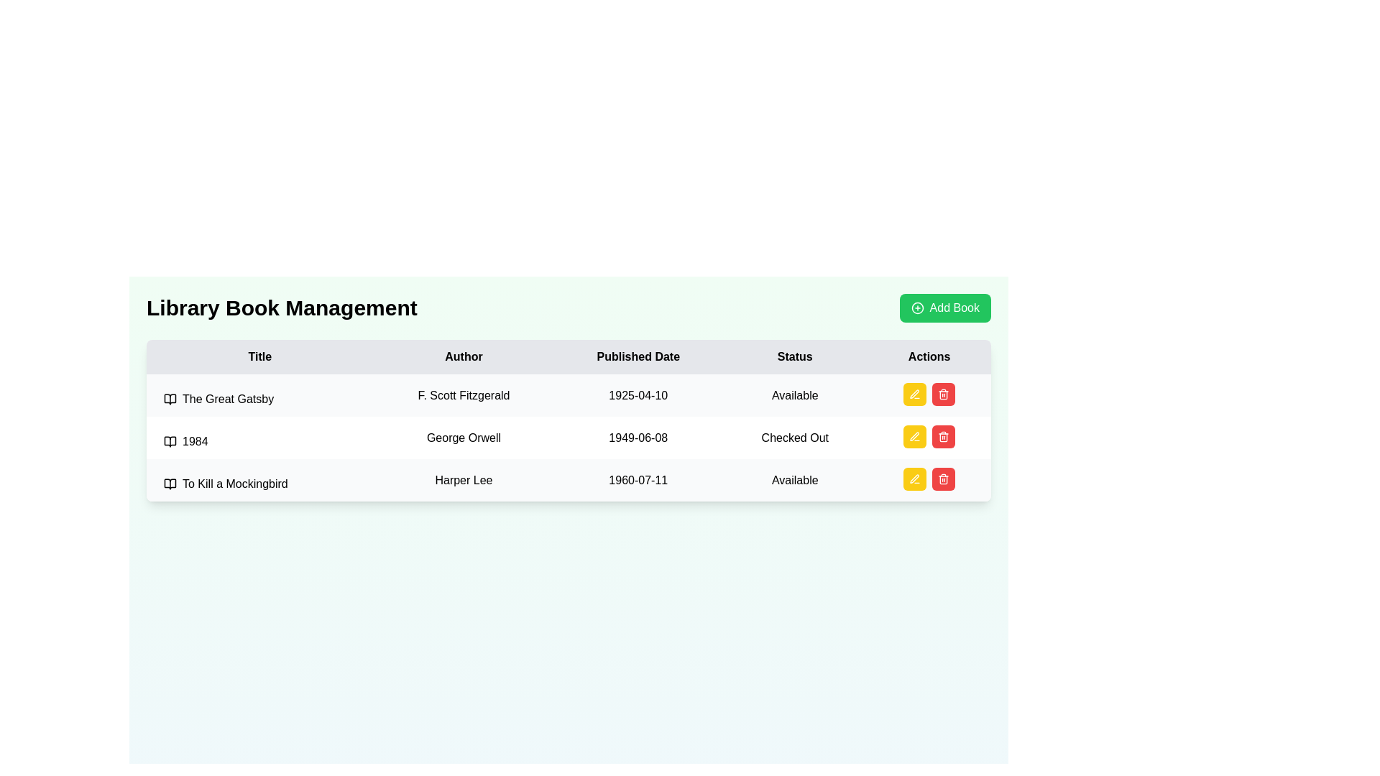 This screenshot has height=776, width=1380. What do you see at coordinates (929, 356) in the screenshot?
I see `the header cell of the table column labeled 'Actions', which is the fifth cell in the header row, located at the top-right corner of the table, with a light gray background and bold text` at bounding box center [929, 356].